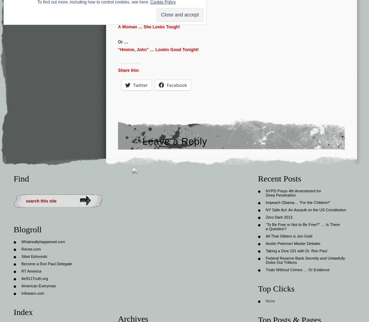  Describe the element at coordinates (279, 178) in the screenshot. I see `'Recent Posts'` at that location.